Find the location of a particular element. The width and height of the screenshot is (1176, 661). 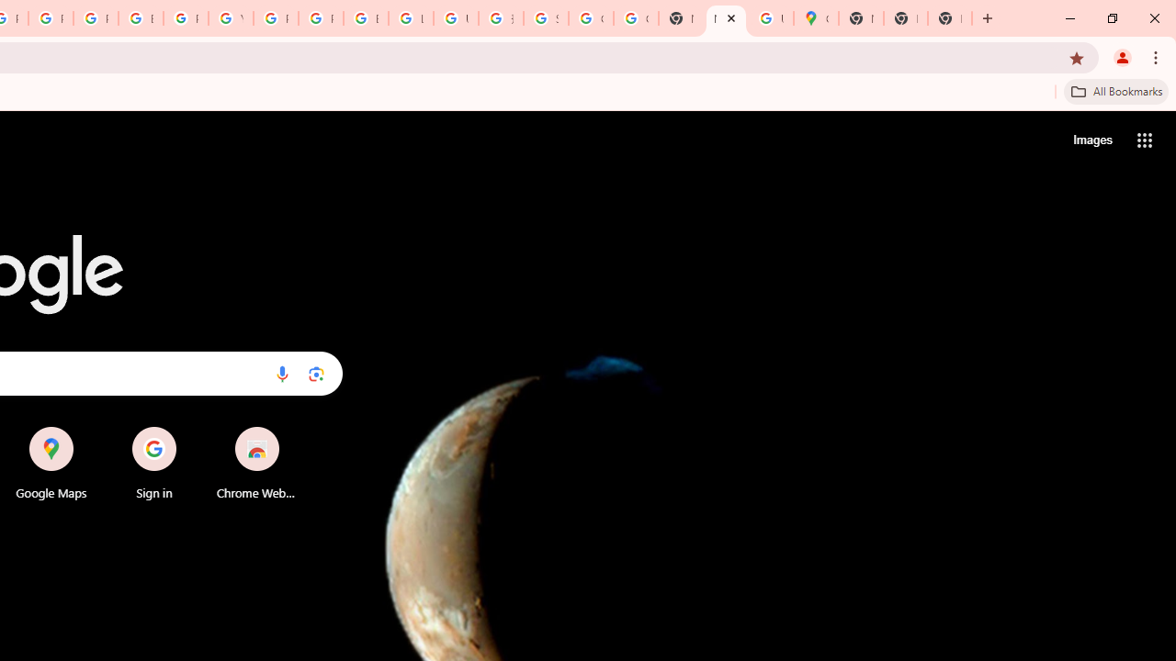

'Google Maps' is located at coordinates (815, 18).